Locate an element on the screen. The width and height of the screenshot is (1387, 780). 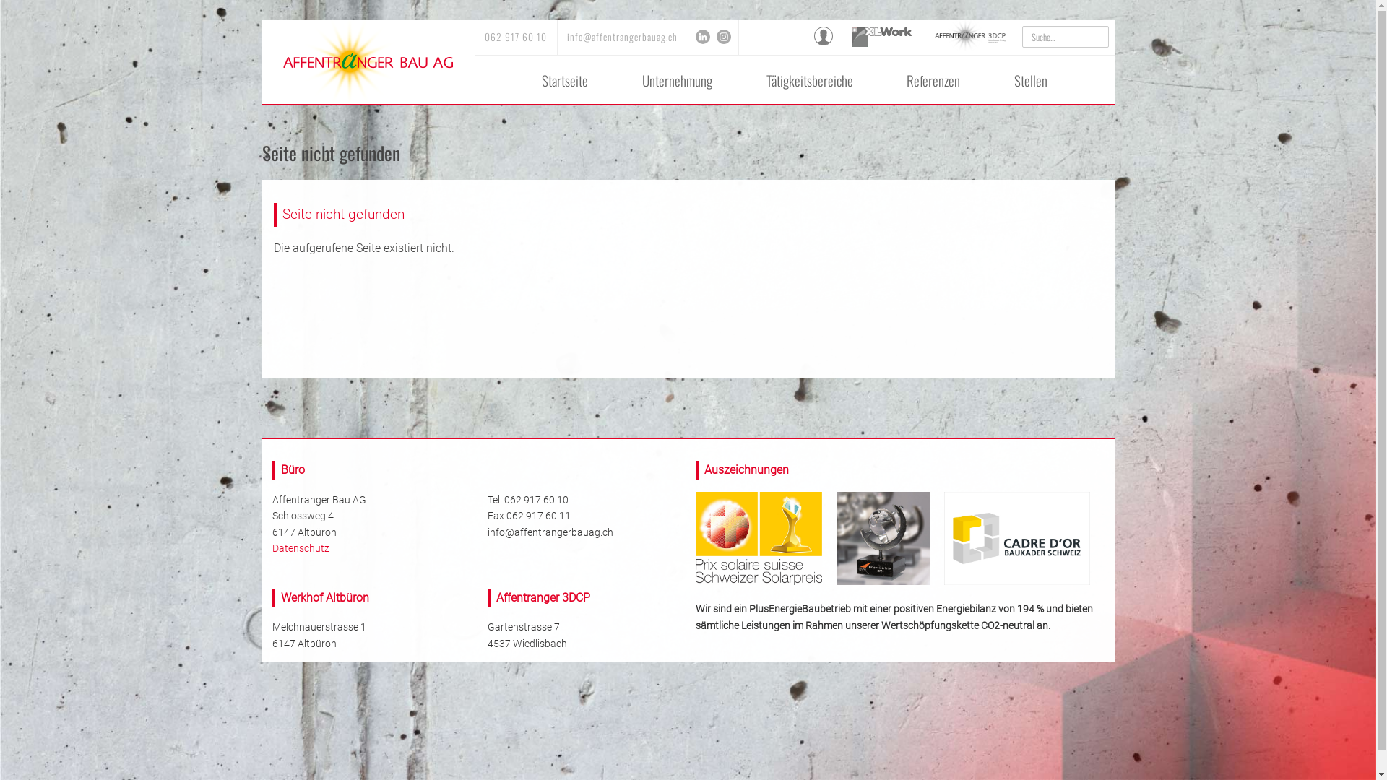
'Datenschutz' is located at coordinates (299, 548).